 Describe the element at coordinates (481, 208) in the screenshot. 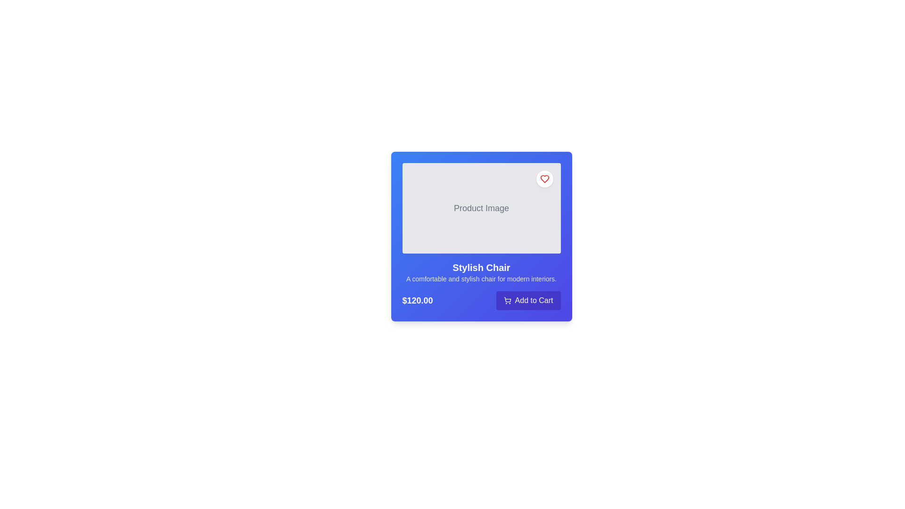

I see `the static text label that reads 'Product Image', which is displayed in gray text on a light gray background, located in the upper-middle segment of a card-like component` at that location.